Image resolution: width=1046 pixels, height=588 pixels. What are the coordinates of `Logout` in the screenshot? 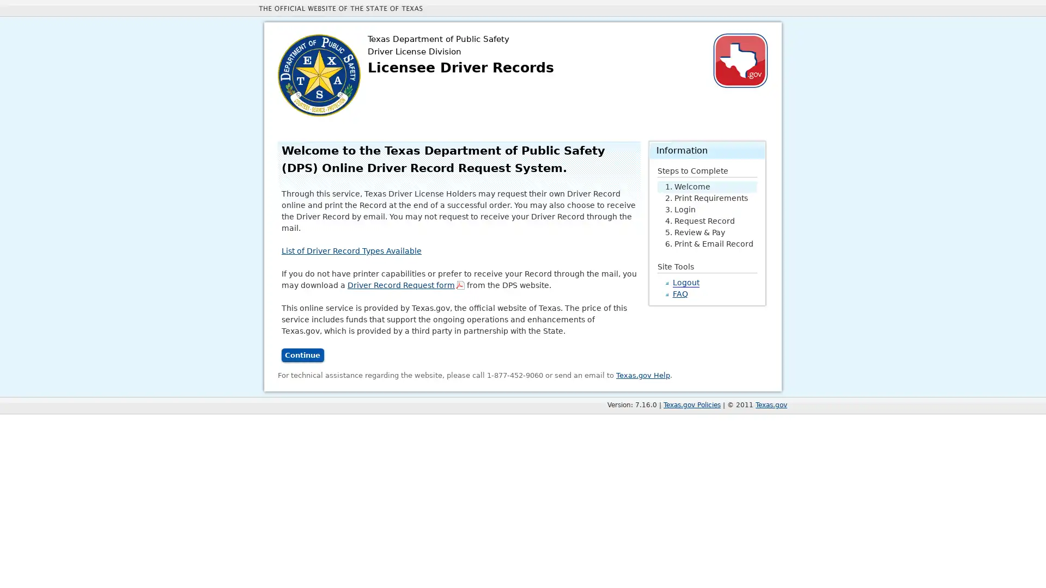 It's located at (685, 281).